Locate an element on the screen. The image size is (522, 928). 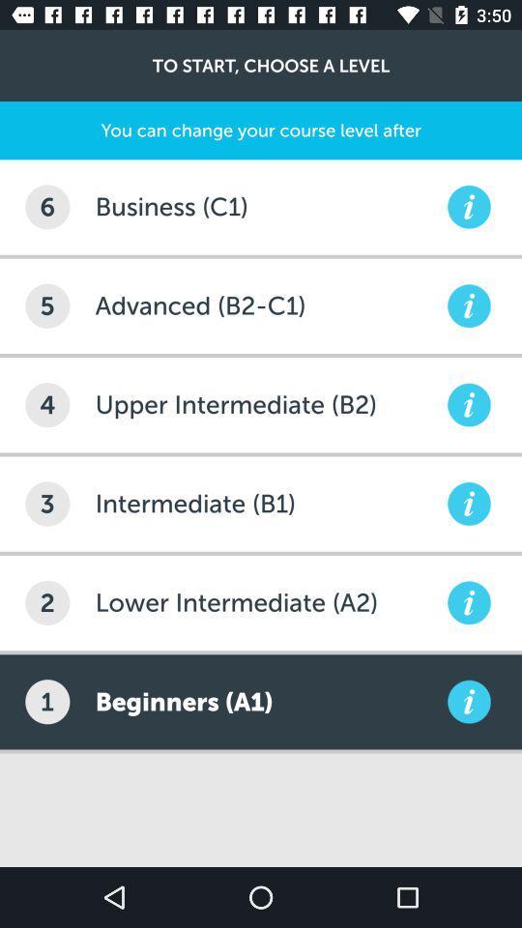
item at the bottom left corner is located at coordinates (47, 701).